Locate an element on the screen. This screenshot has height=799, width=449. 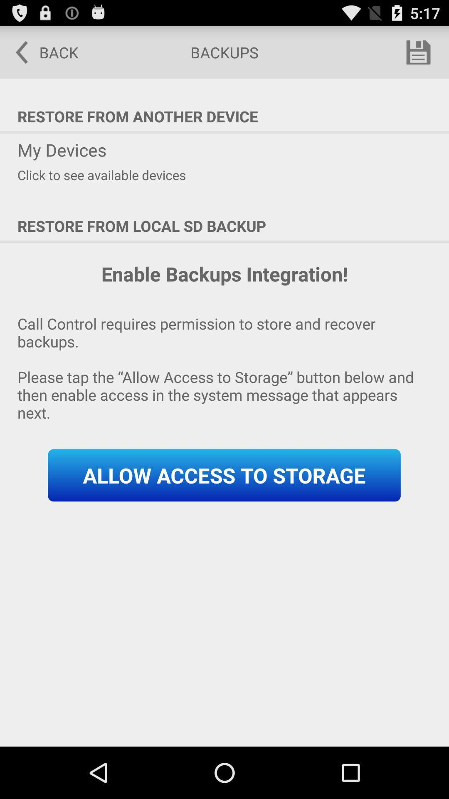
the back at the top left corner is located at coordinates (41, 52).